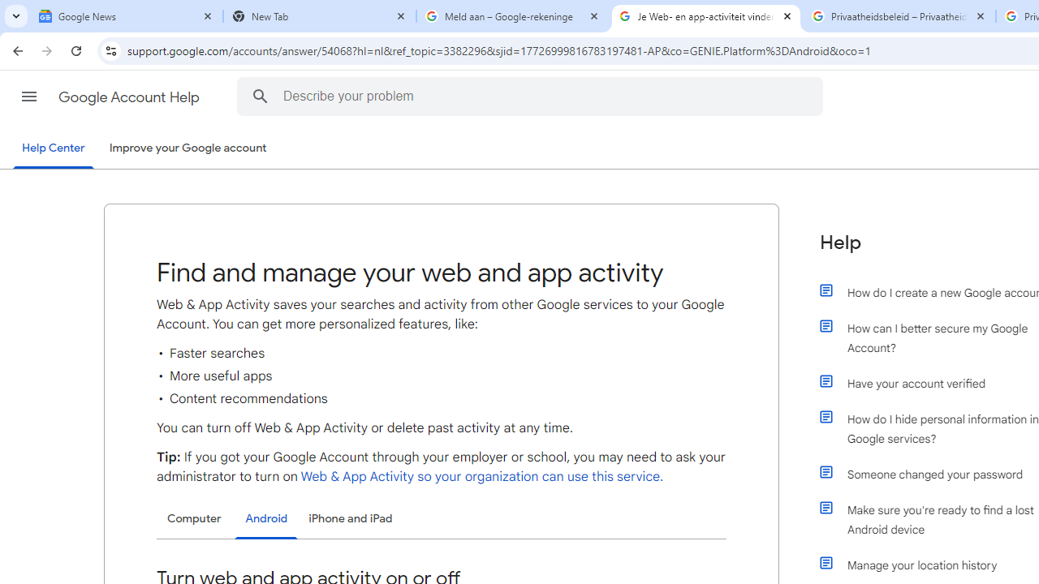 The image size is (1039, 584). What do you see at coordinates (15, 49) in the screenshot?
I see `'Back'` at bounding box center [15, 49].